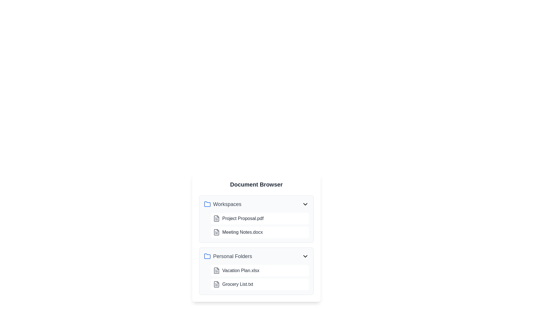 The image size is (550, 309). Describe the element at coordinates (260, 218) in the screenshot. I see `to select the List item representing the file 'Project Proposal.pdf', which is the first item listed under the 'Workspaces' section in the 'Document Browser' interface` at that location.